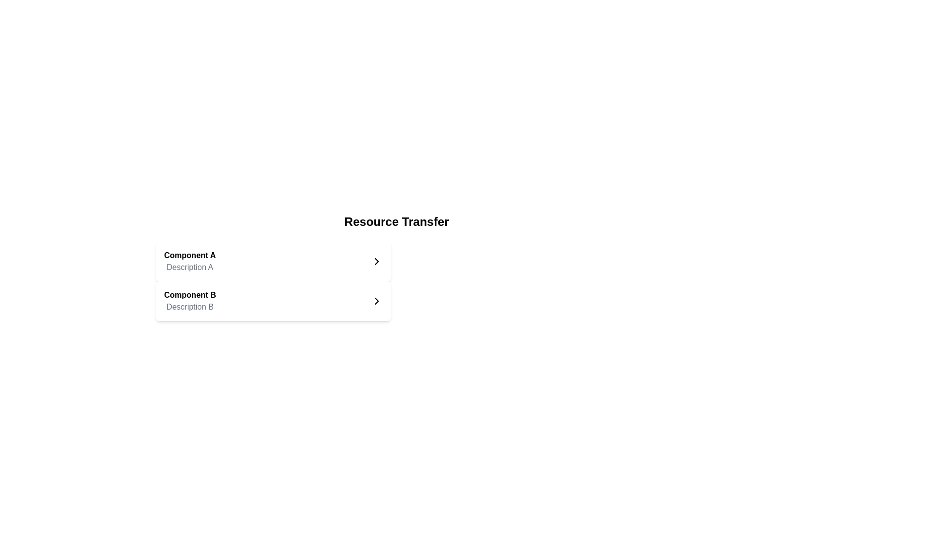  What do you see at coordinates (190, 255) in the screenshot?
I see `text label that serves as a title for the section containing 'Component A' and 'Description A', positioned at the upper-left part of the interface` at bounding box center [190, 255].